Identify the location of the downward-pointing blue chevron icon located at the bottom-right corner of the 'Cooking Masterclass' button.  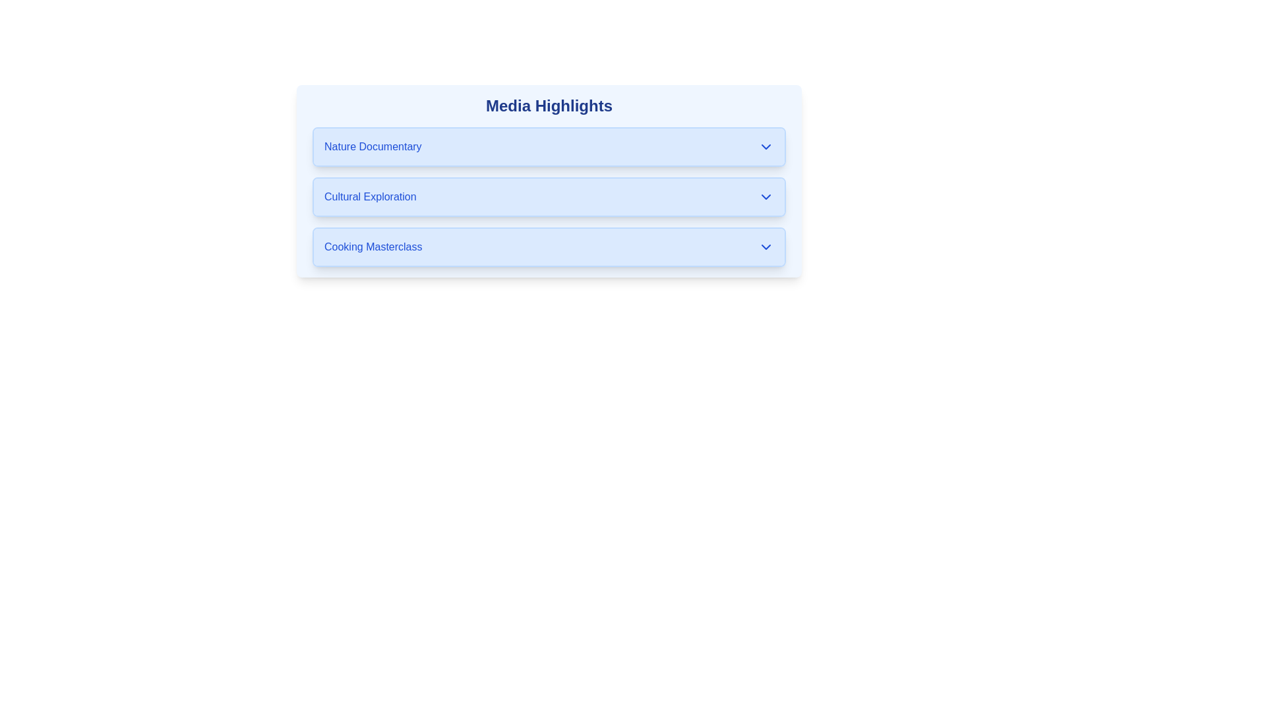
(766, 247).